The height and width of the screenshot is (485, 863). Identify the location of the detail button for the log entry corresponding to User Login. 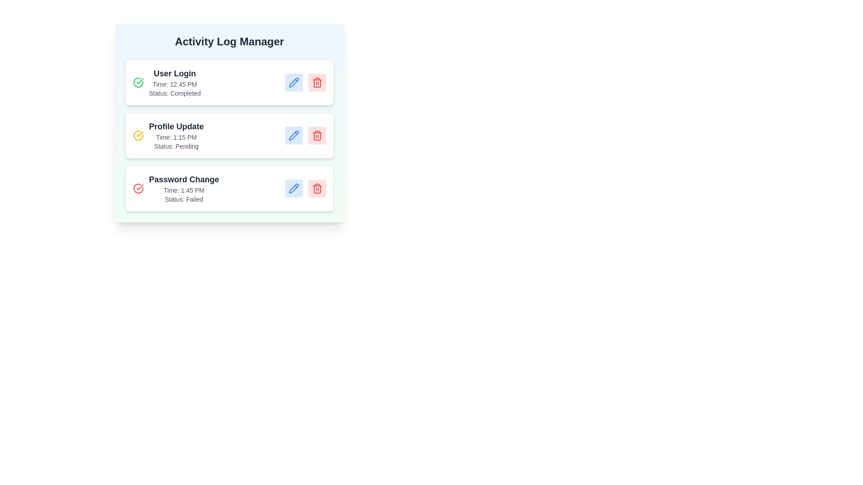
(294, 83).